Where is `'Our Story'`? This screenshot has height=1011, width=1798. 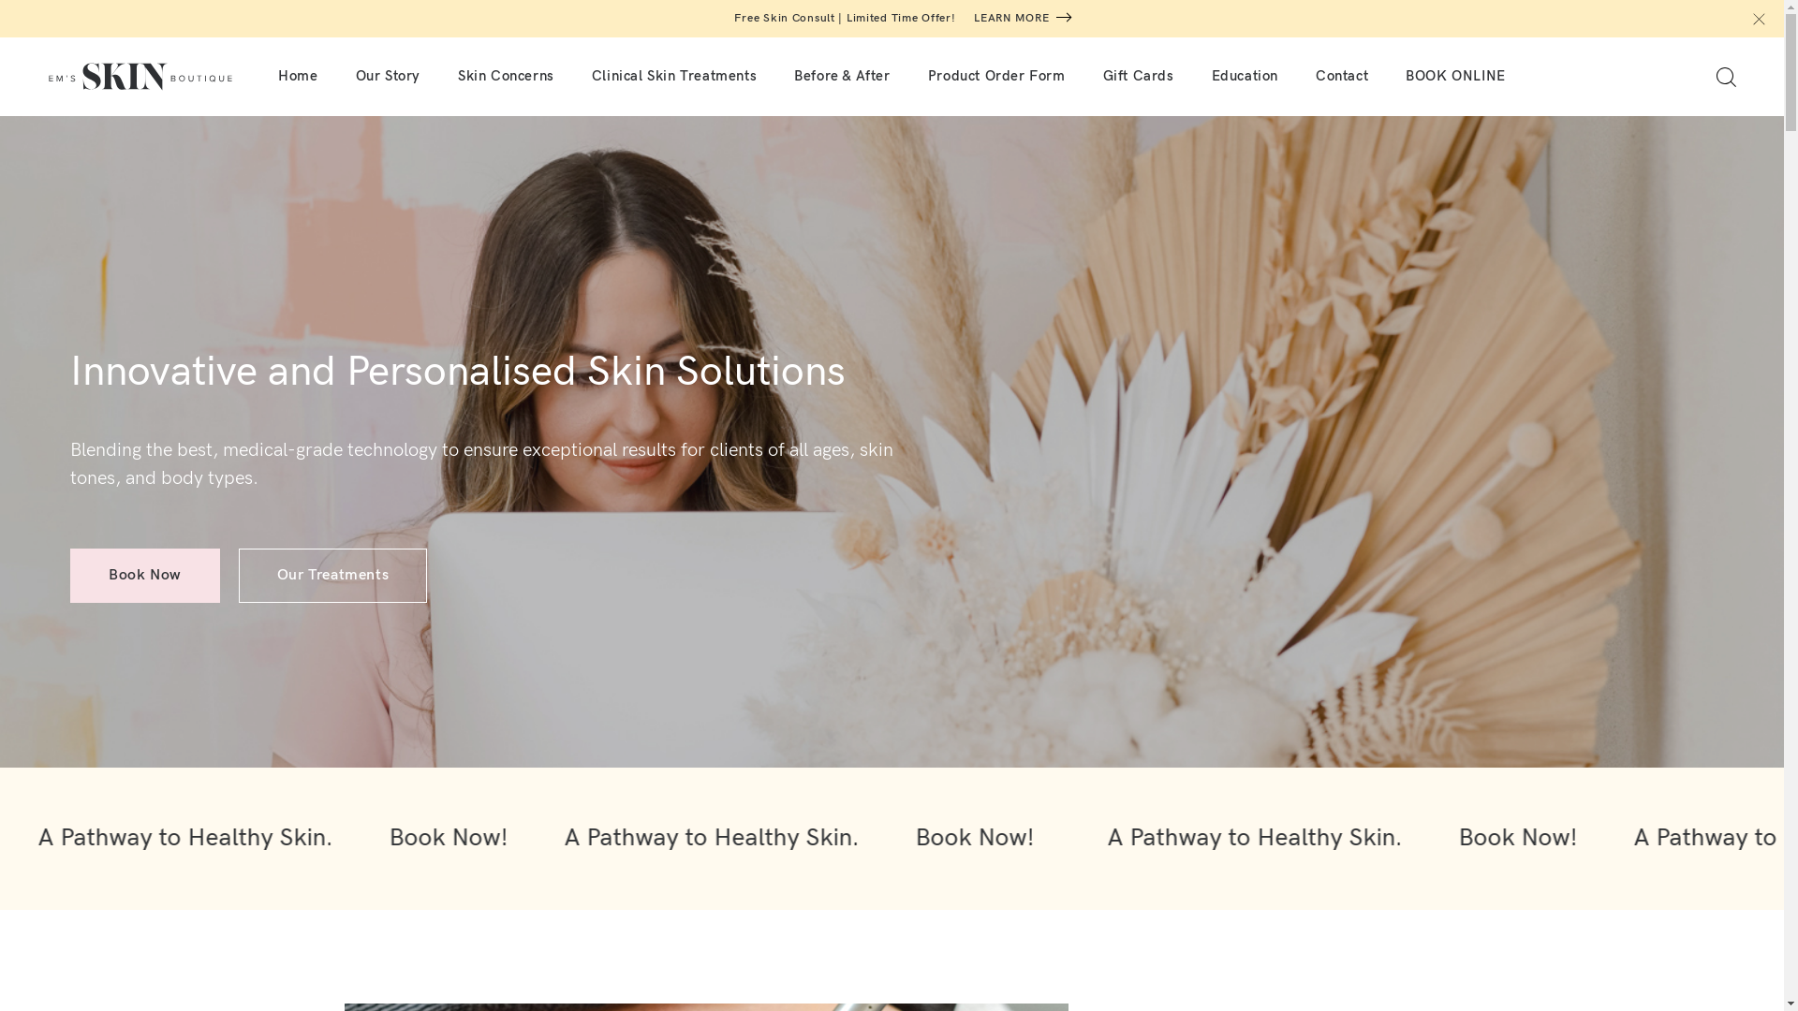
'Our Story' is located at coordinates (387, 75).